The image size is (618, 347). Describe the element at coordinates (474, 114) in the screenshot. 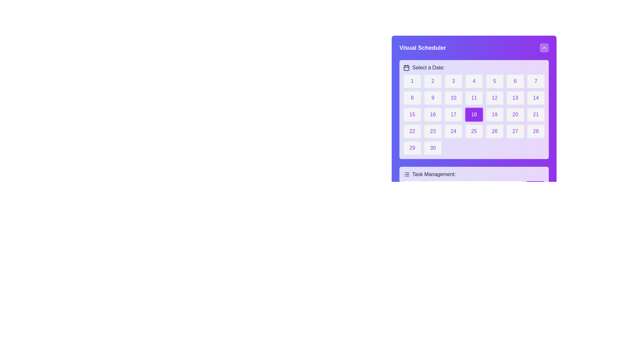

I see `the purple-highlighted button labeled '18' located in the fourth row and fourth column of the date selection panel` at that location.